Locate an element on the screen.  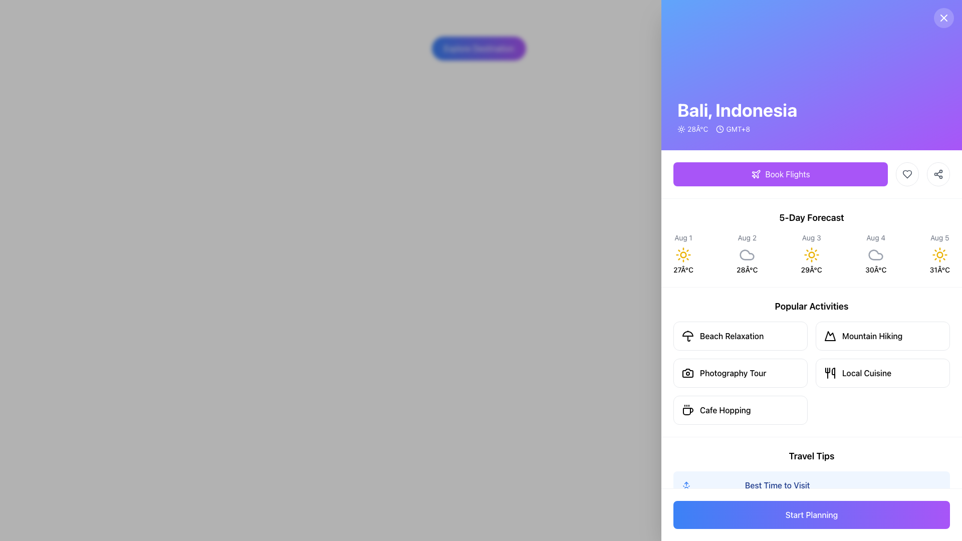
the date indicated by the text label in the '5-Day Forecast' section, which is the top-most text above the sun icon and temperature value is located at coordinates (939, 237).